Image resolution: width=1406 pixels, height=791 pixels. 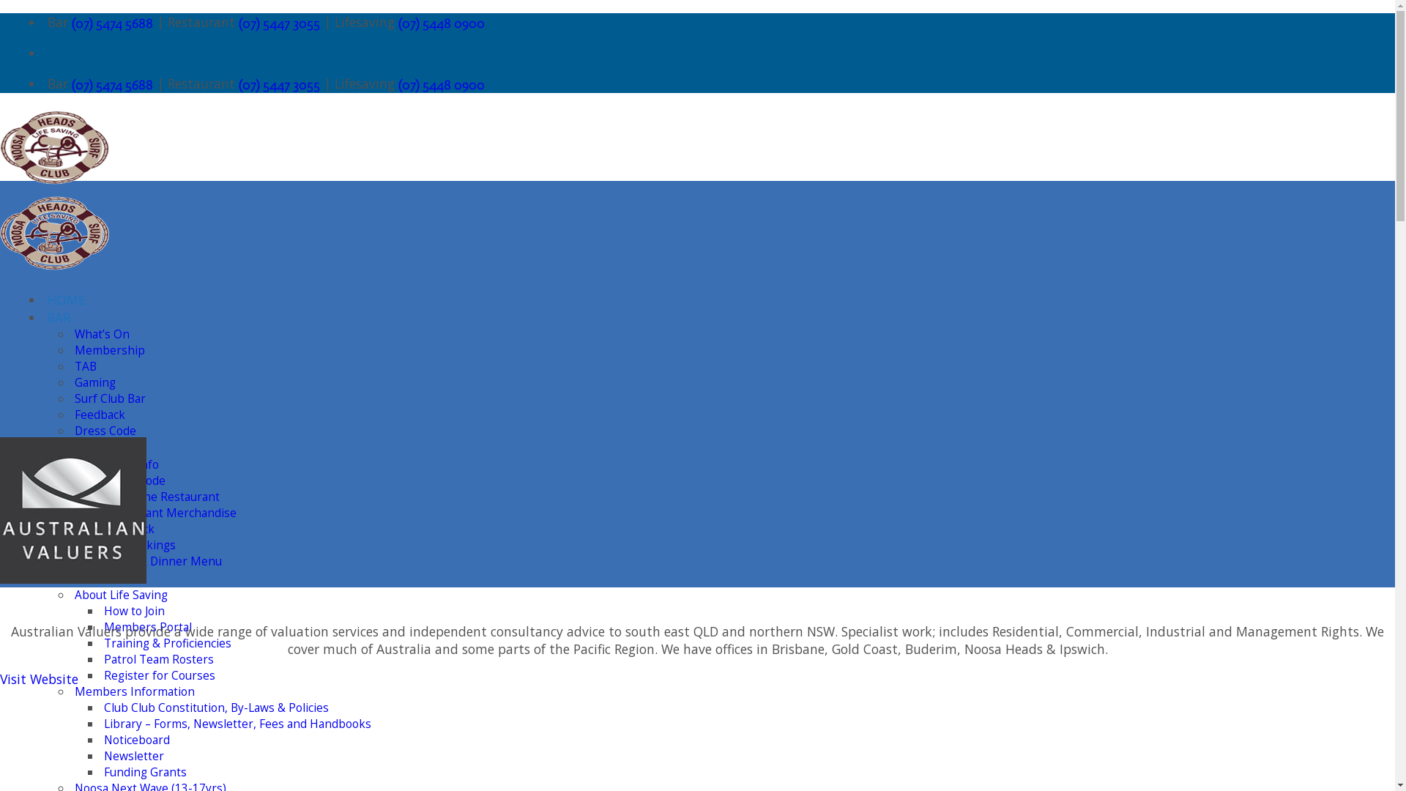 What do you see at coordinates (116, 464) in the screenshot?
I see `'Restaurant Info'` at bounding box center [116, 464].